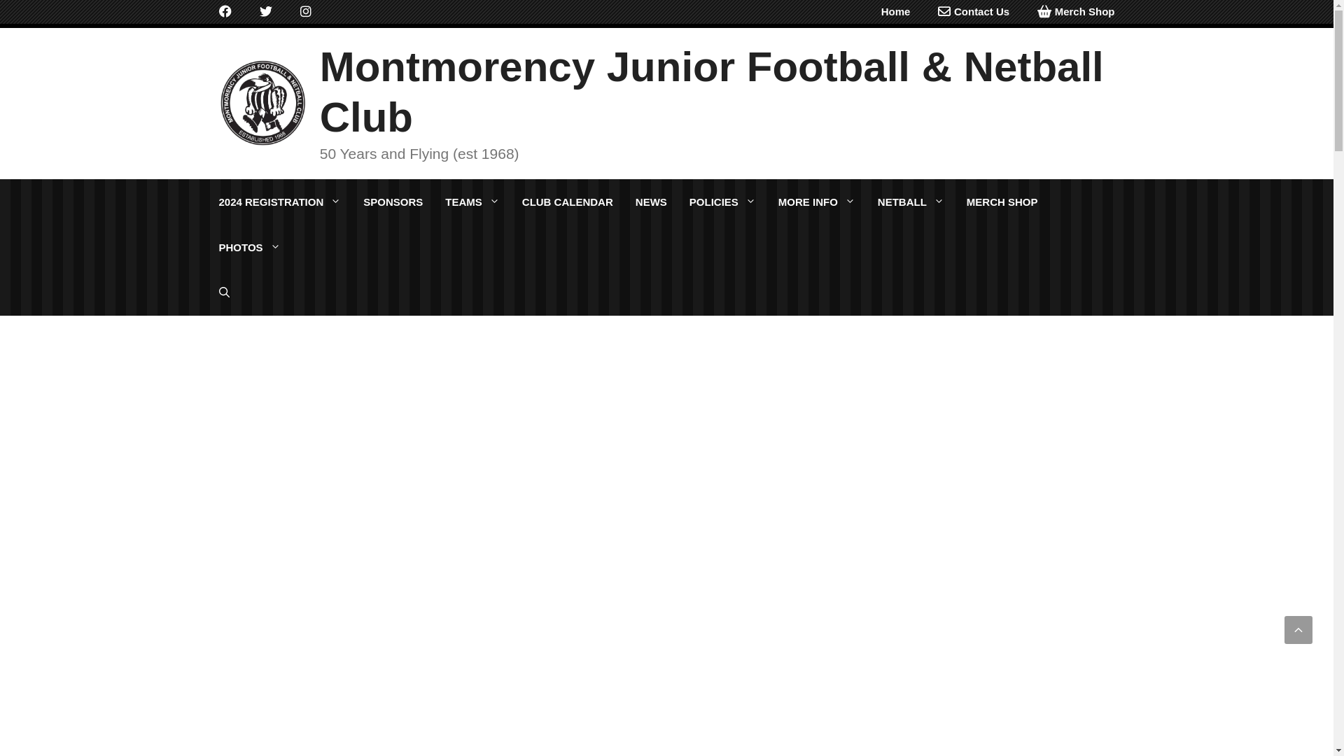  Describe the element at coordinates (1297, 629) in the screenshot. I see `'Scroll back to top'` at that location.